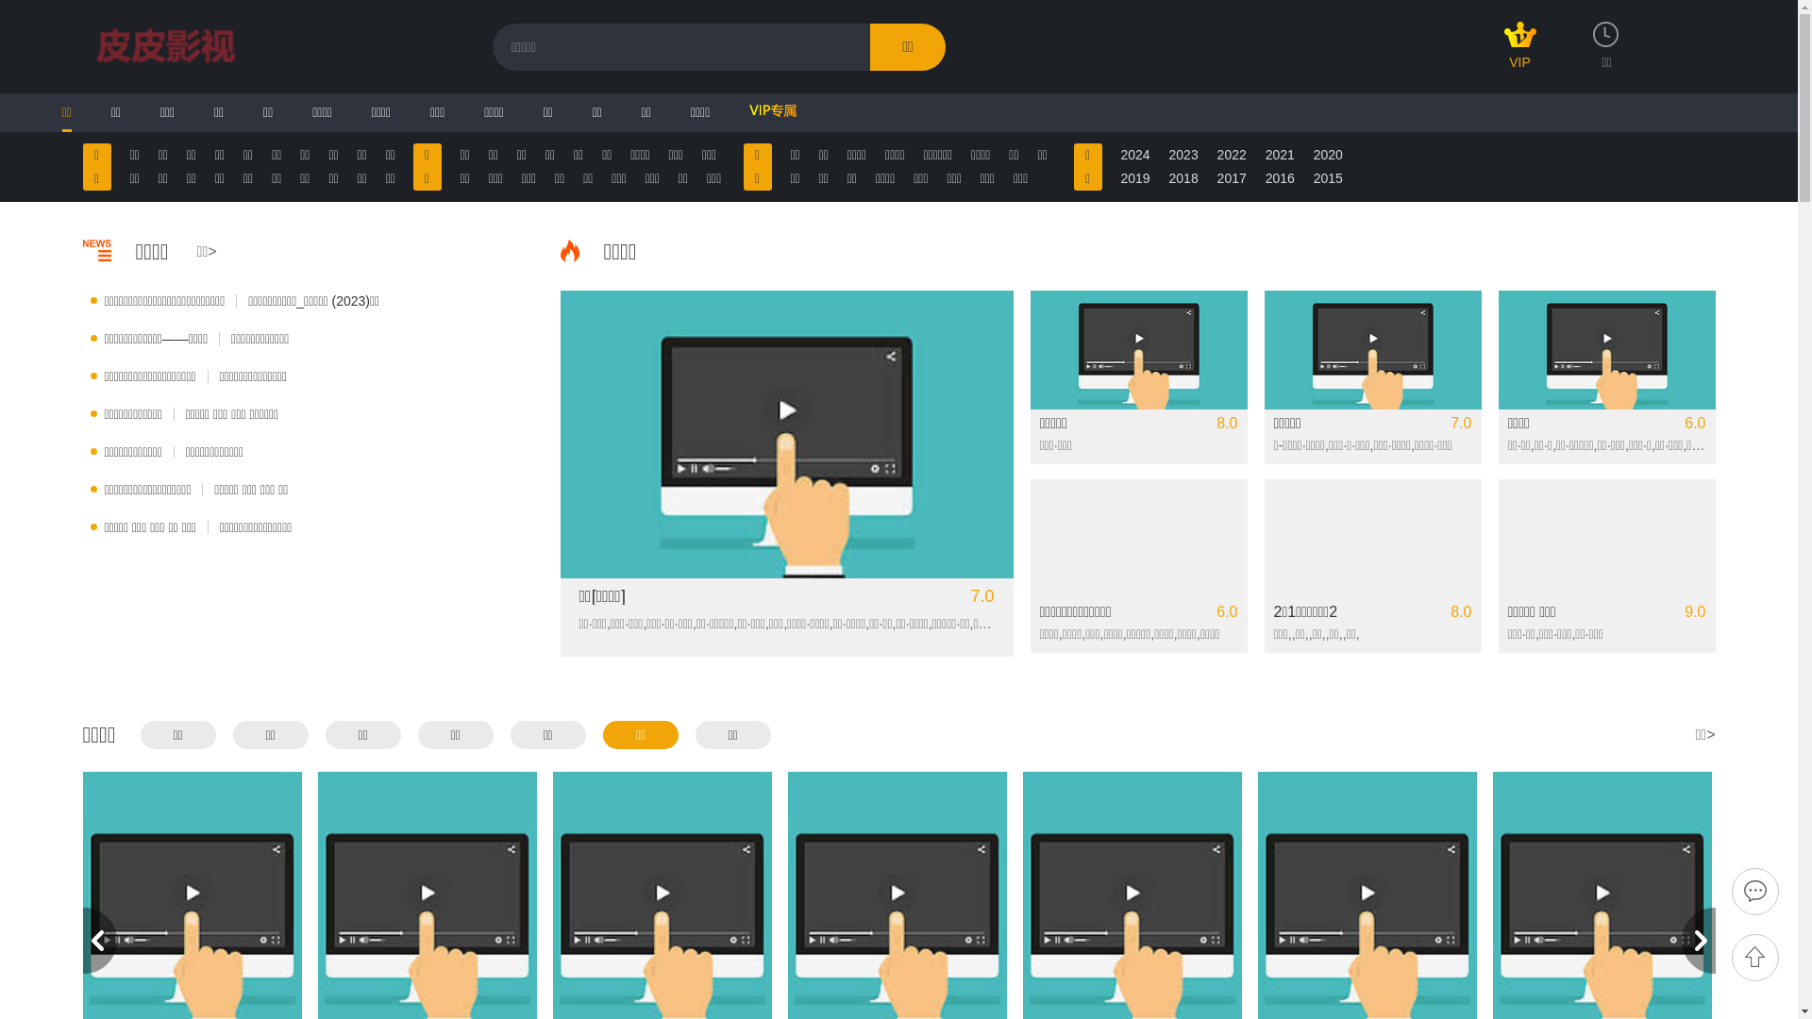 The width and height of the screenshot is (1812, 1019). What do you see at coordinates (1280, 178) in the screenshot?
I see `'2016'` at bounding box center [1280, 178].